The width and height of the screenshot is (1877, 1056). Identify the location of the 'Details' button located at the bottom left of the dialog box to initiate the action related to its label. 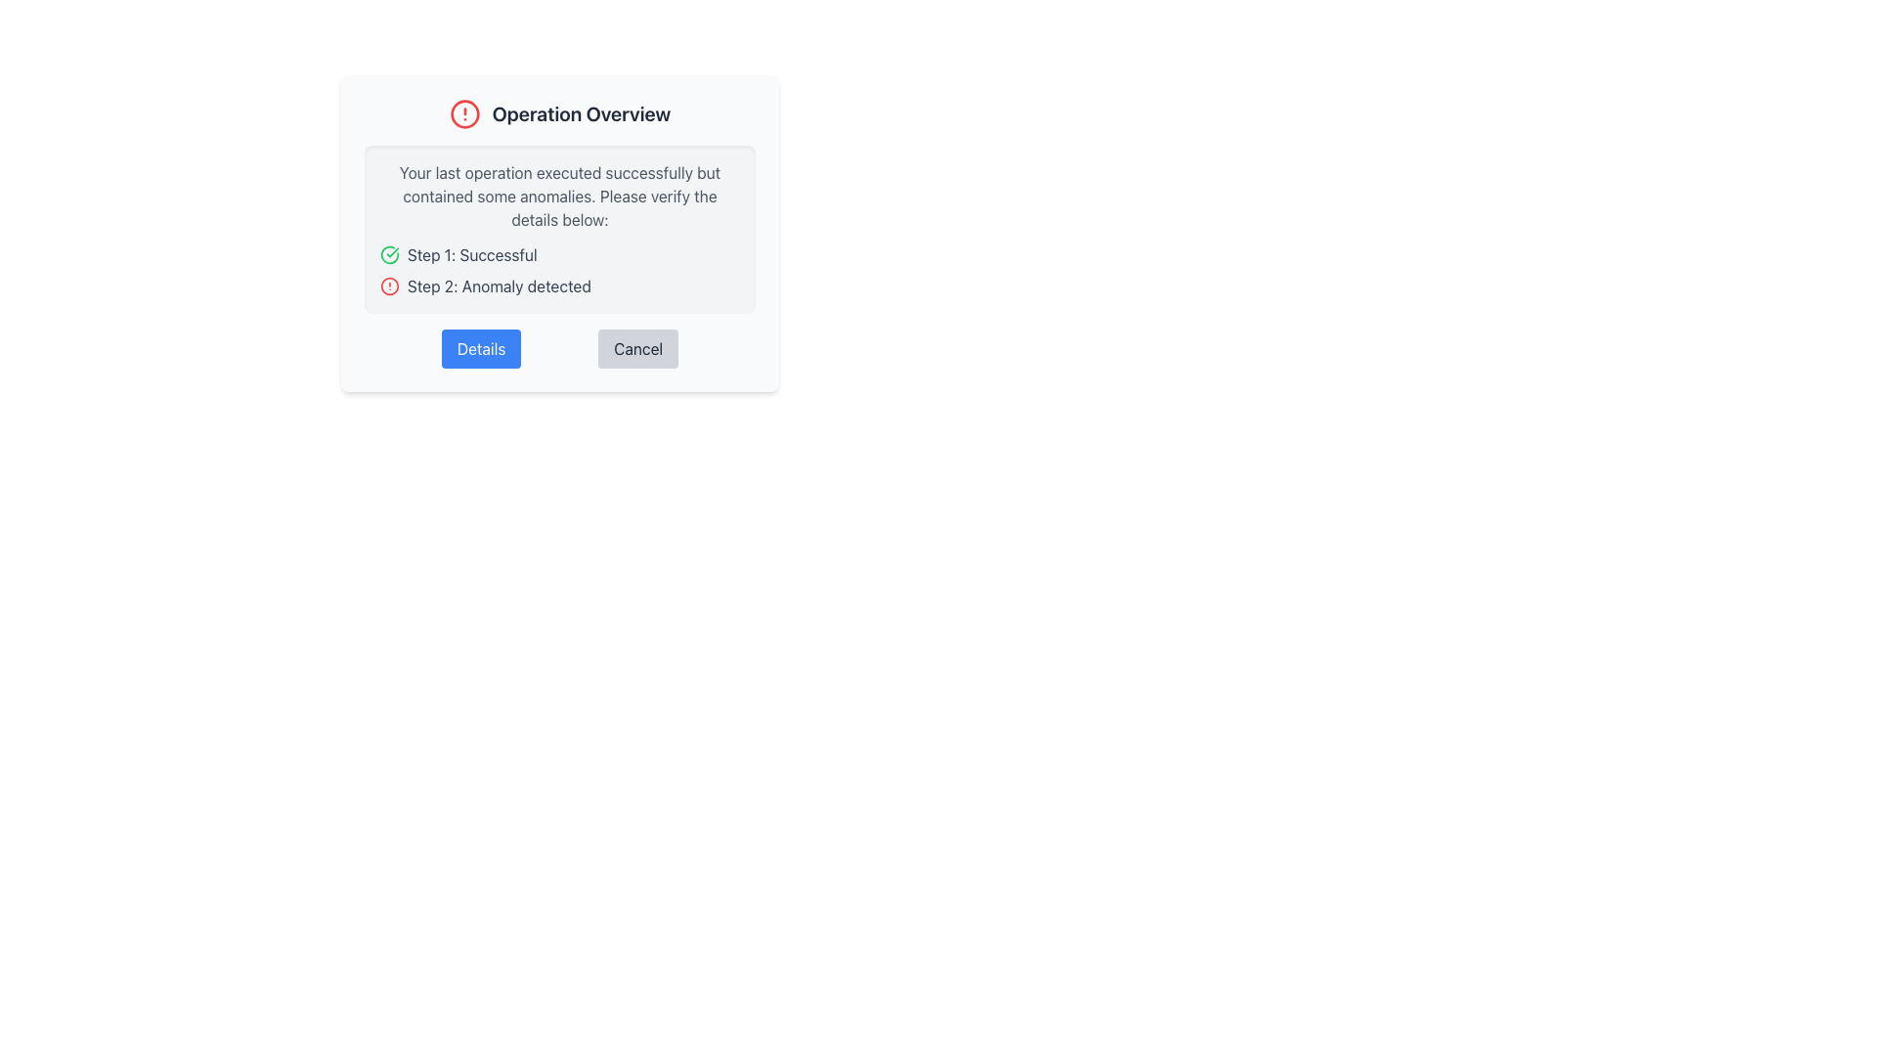
(481, 348).